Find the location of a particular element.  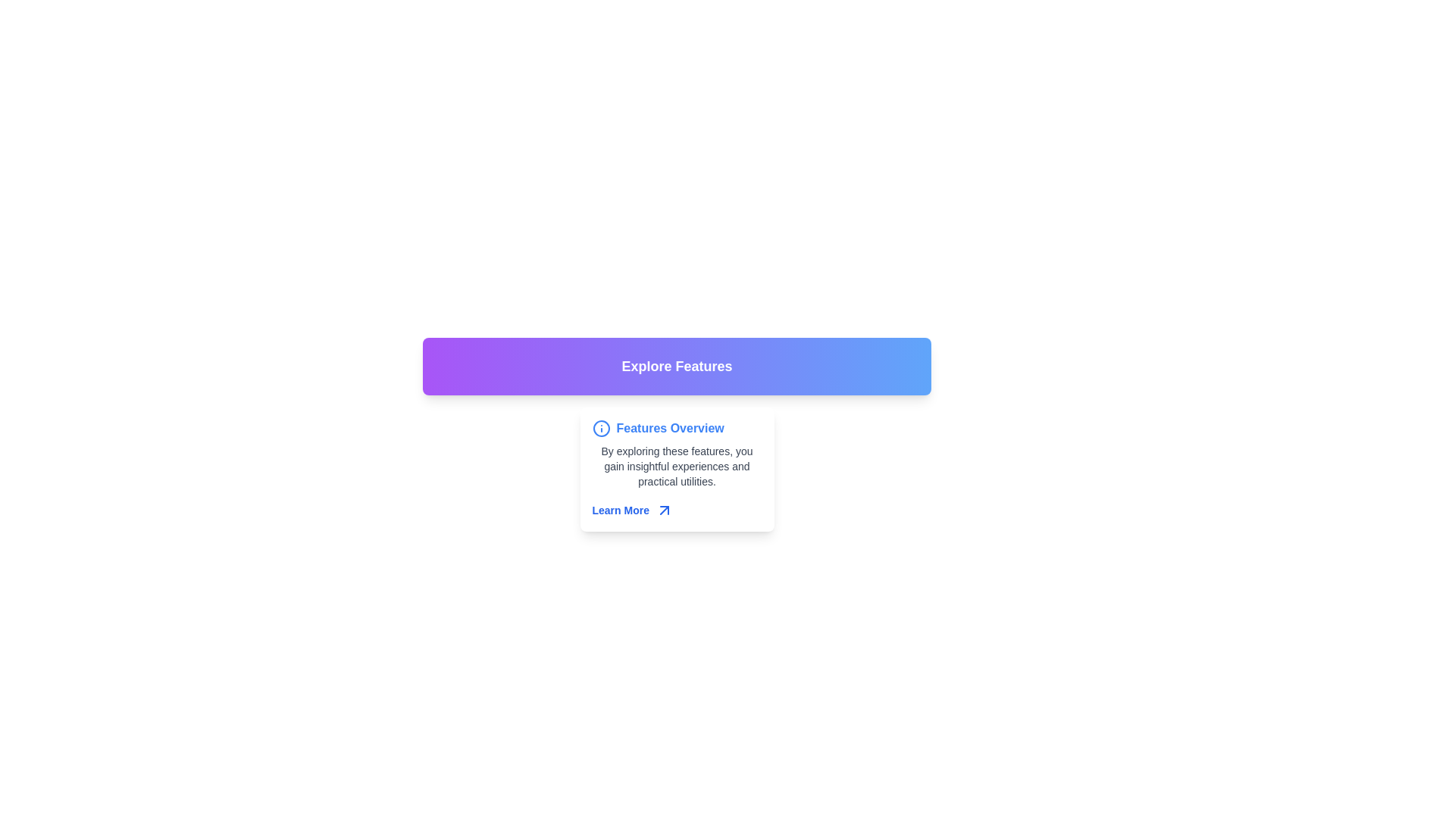

the button-like text element located at the top of the gradient bar is located at coordinates (676, 366).